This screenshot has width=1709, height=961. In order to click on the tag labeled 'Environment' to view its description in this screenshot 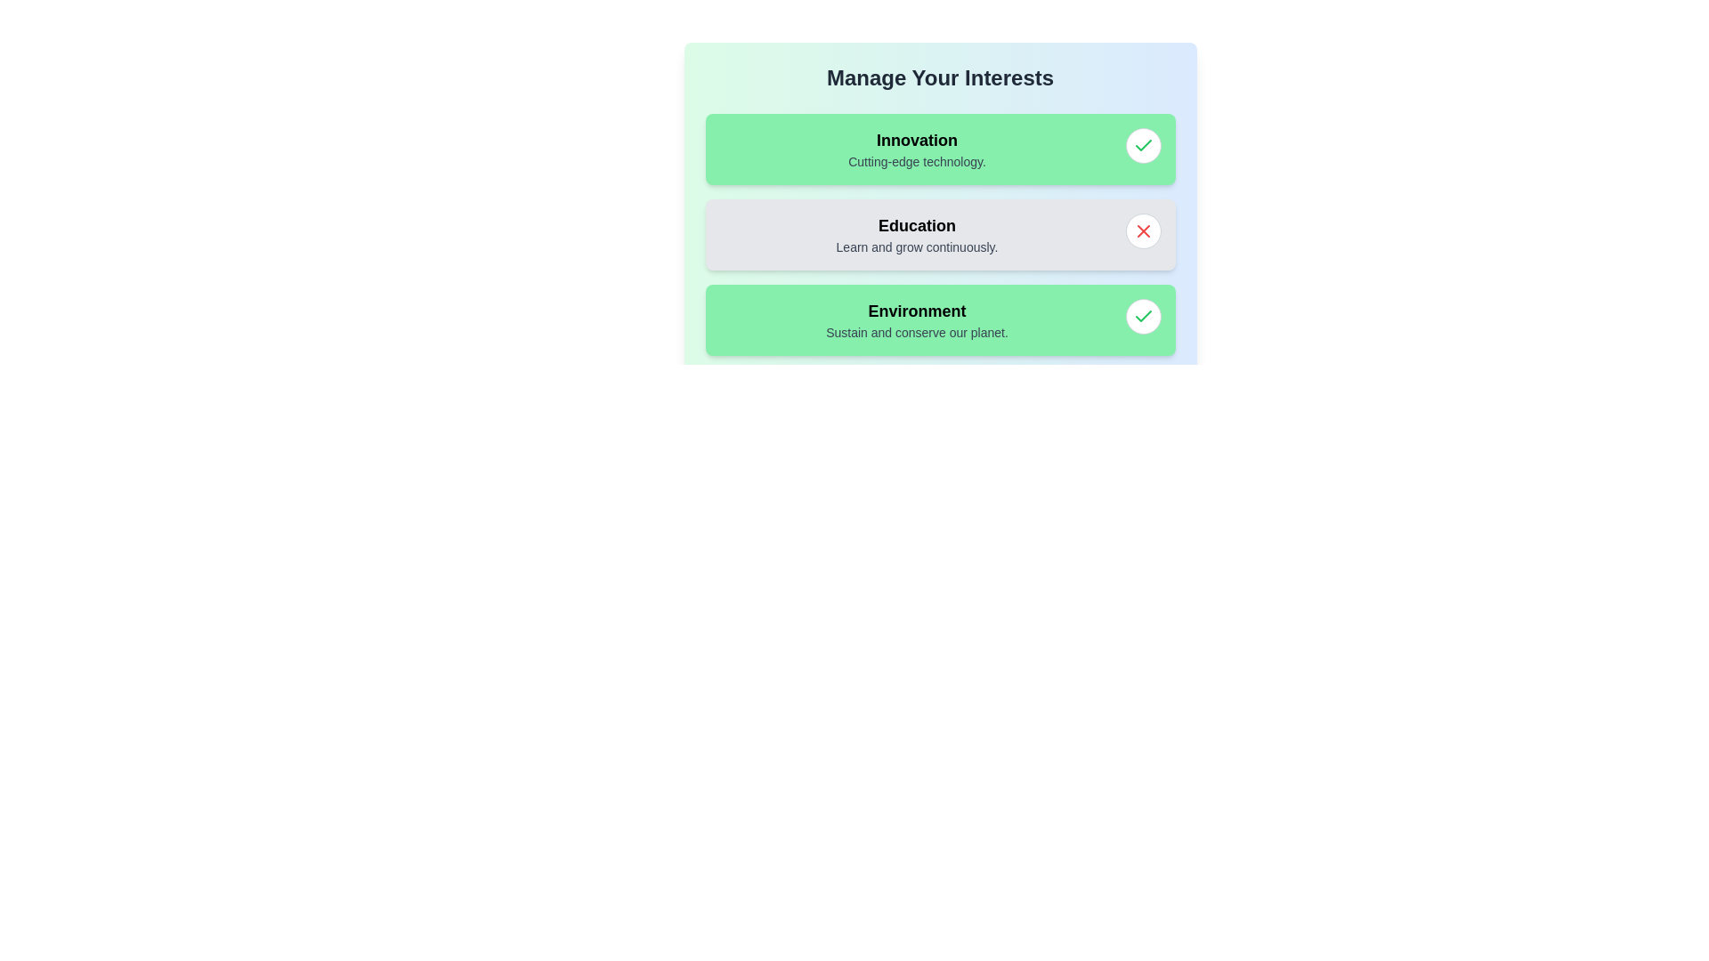, I will do `click(917, 319)`.